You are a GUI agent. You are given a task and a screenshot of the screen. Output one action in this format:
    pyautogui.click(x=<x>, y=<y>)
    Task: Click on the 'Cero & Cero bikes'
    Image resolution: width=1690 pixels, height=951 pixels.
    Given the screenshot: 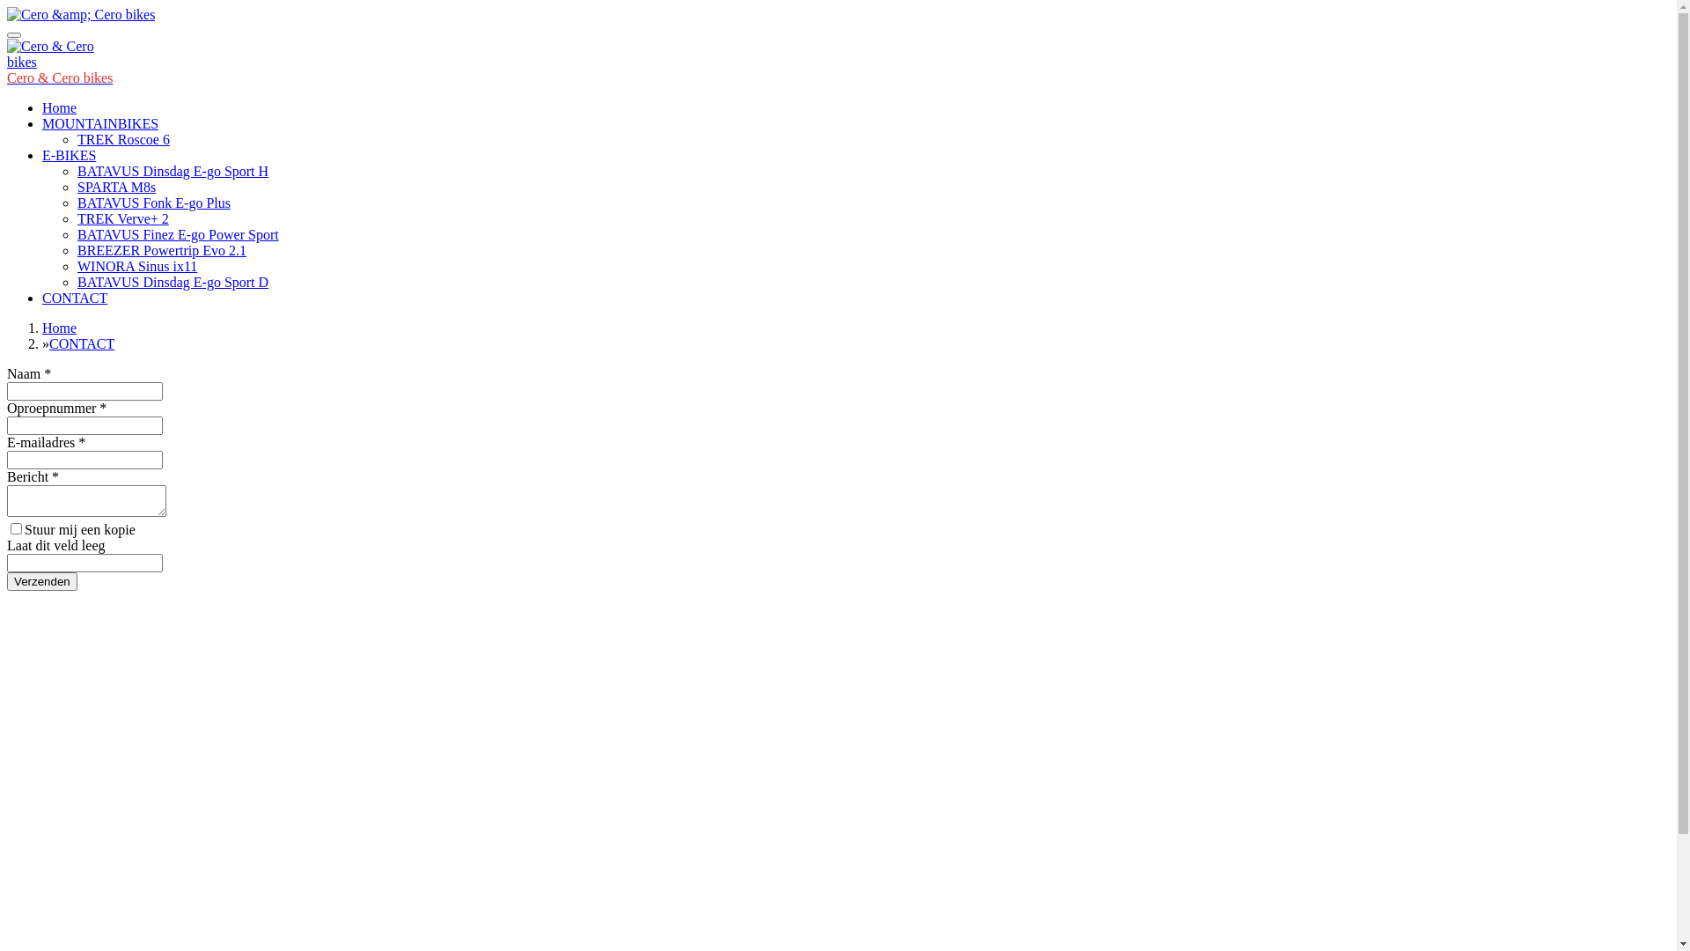 What is the action you would take?
    pyautogui.click(x=7, y=77)
    